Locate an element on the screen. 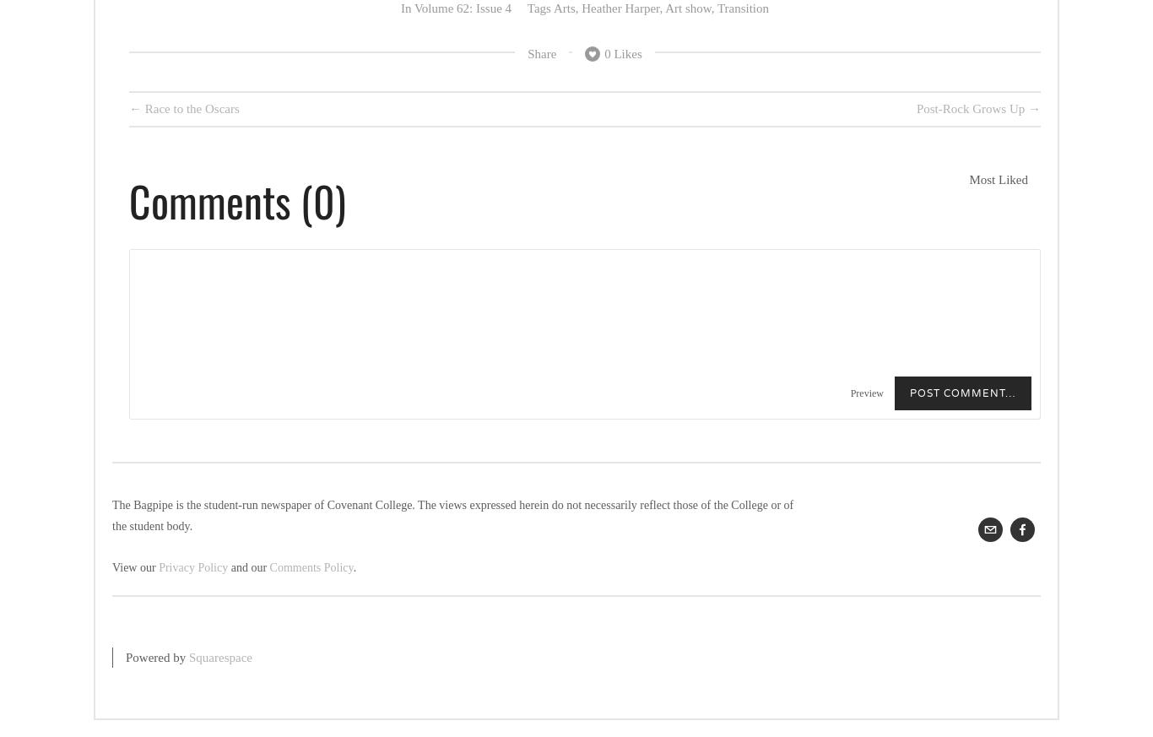 The image size is (1153, 737). 'and our' is located at coordinates (228, 567).